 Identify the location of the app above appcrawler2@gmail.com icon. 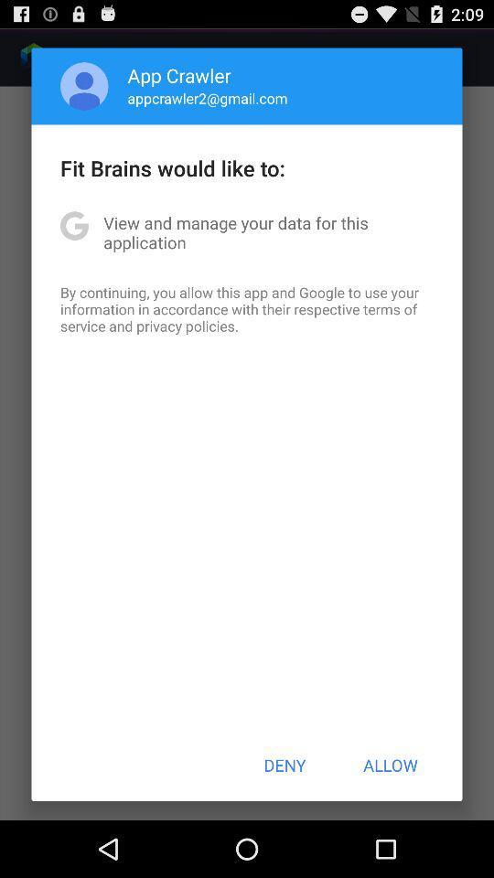
(179, 75).